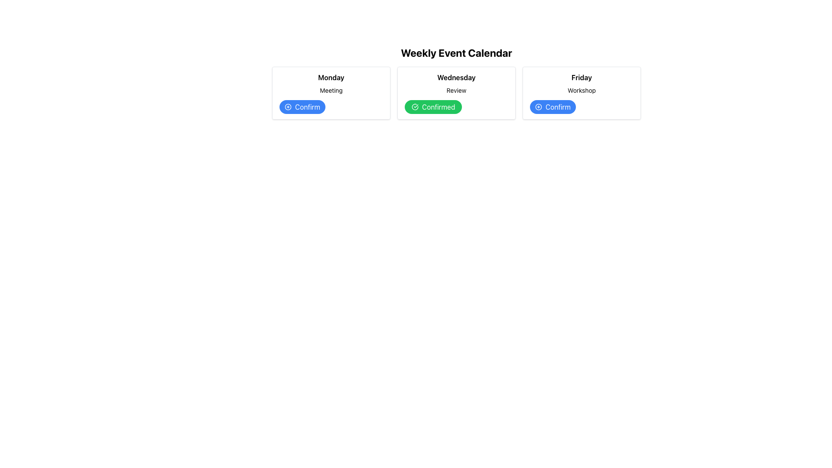 This screenshot has height=468, width=832. I want to click on the text label that denotes the day of the week, positioned at the top center of the 'Monday Meeting Confirm' card, so click(331, 77).